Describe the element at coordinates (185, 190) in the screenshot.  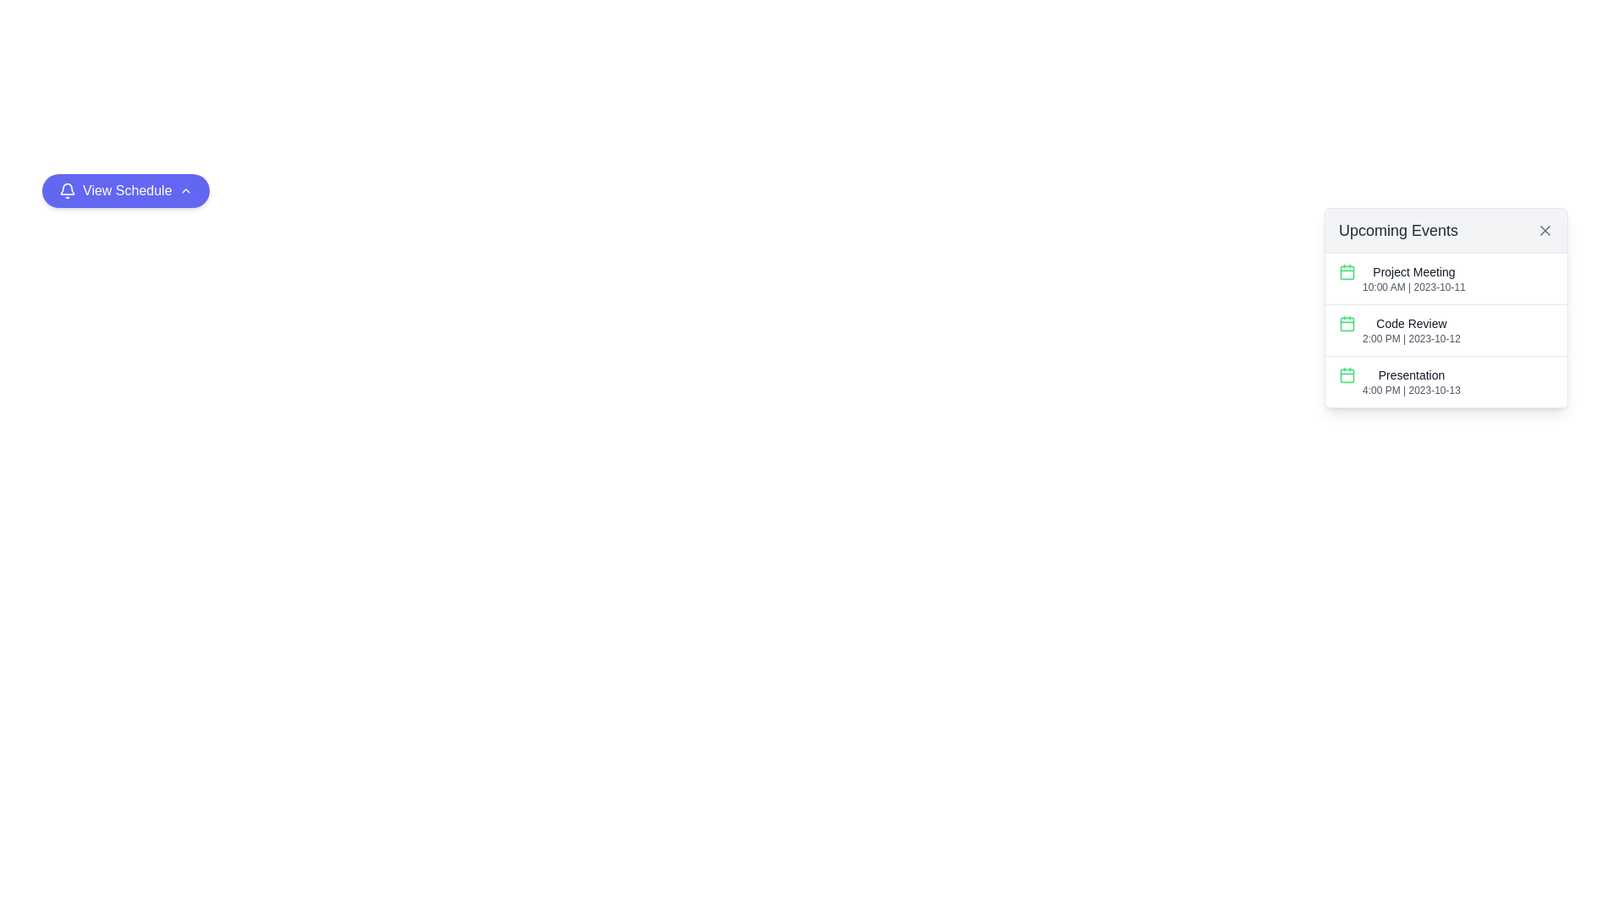
I see `the toggle icon located at the end of the 'View Schedule' button to interact with its expand or collapse functionality` at that location.